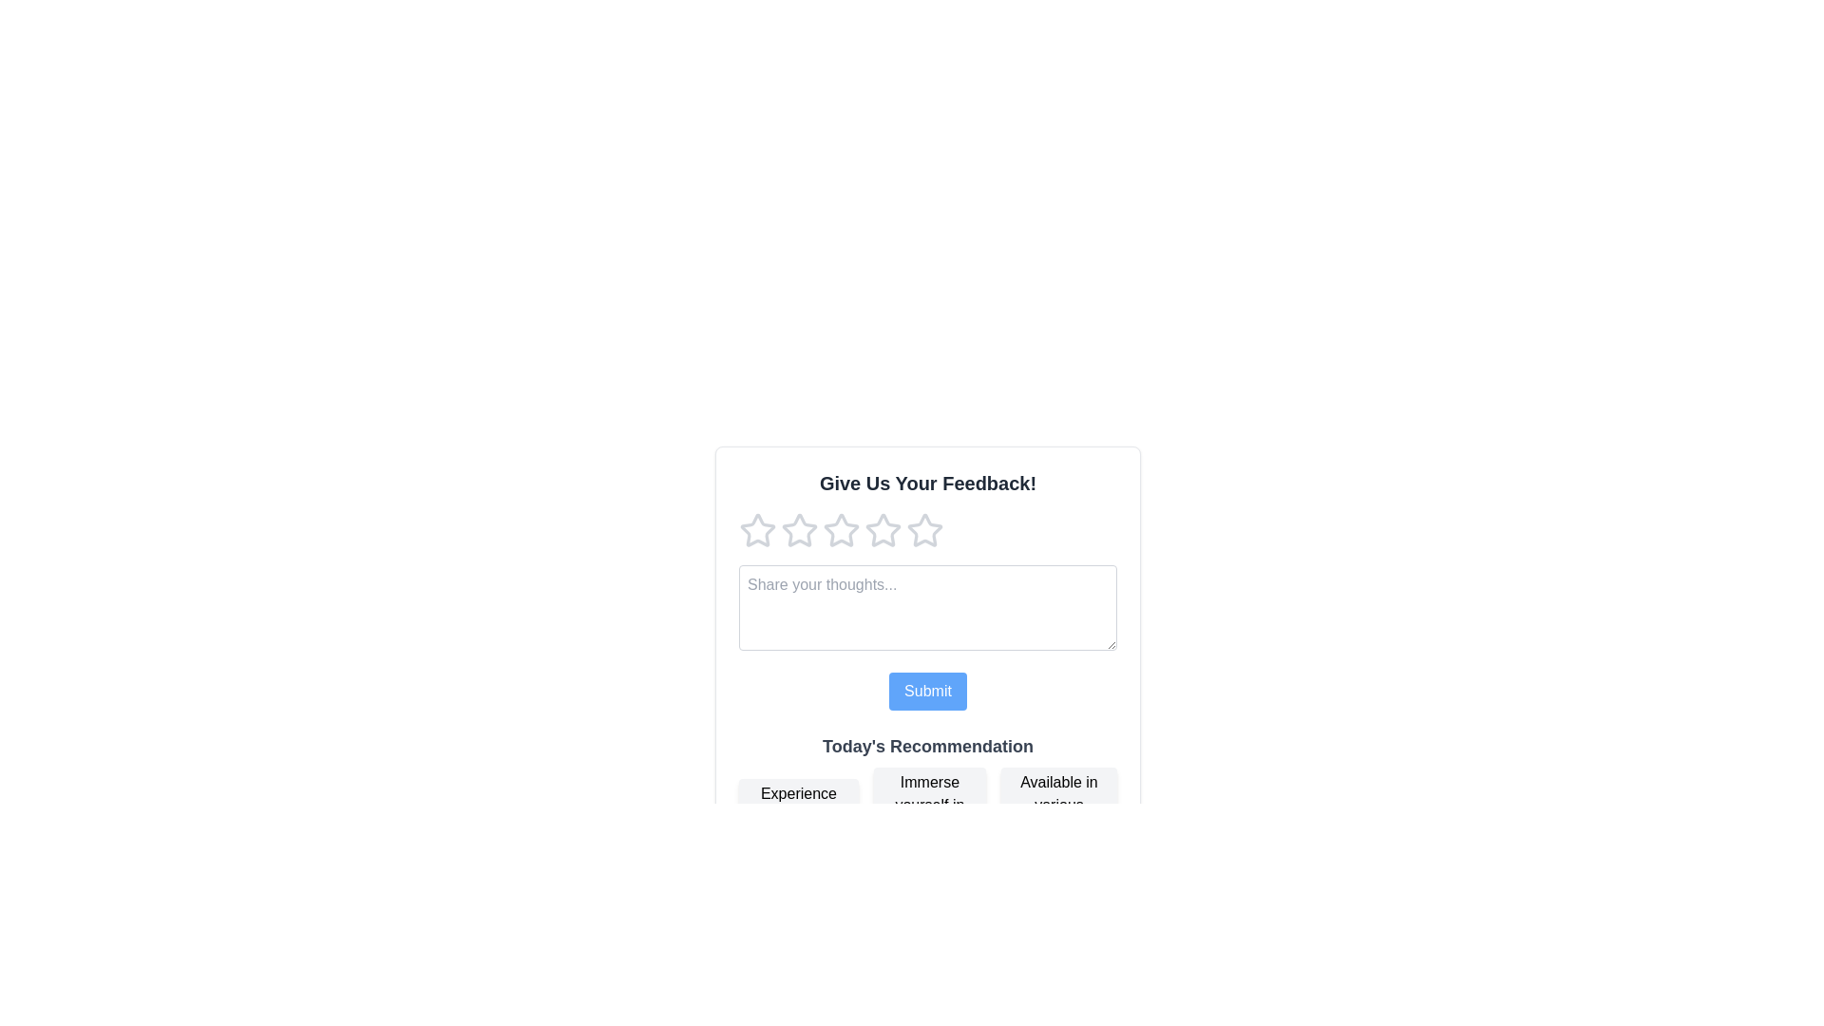  What do you see at coordinates (756, 530) in the screenshot?
I see `the first star icon in the rating interface` at bounding box center [756, 530].